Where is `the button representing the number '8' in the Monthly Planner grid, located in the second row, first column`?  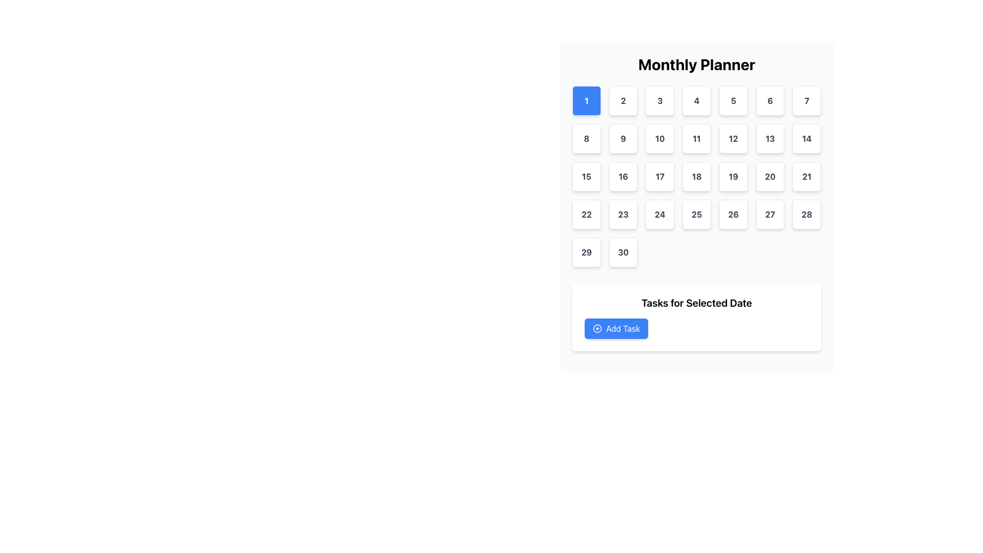 the button representing the number '8' in the Monthly Planner grid, located in the second row, first column is located at coordinates (586, 138).